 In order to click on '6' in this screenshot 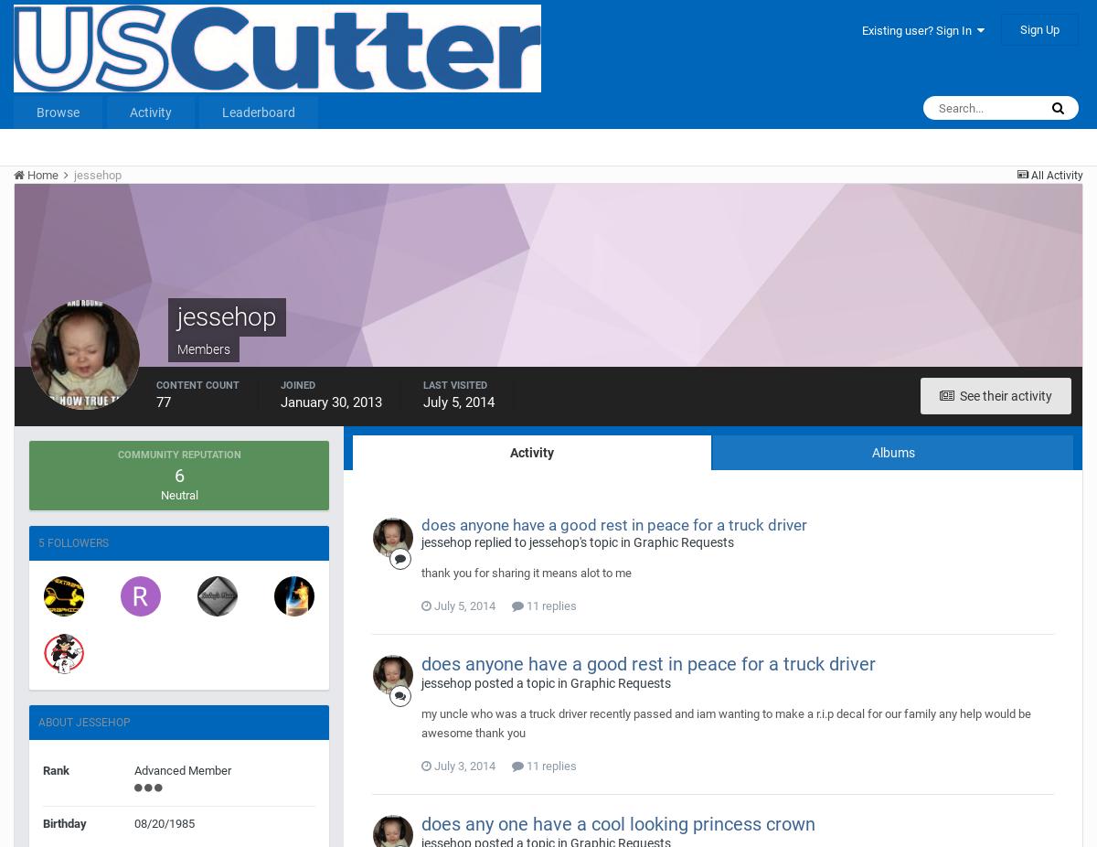, I will do `click(177, 475)`.